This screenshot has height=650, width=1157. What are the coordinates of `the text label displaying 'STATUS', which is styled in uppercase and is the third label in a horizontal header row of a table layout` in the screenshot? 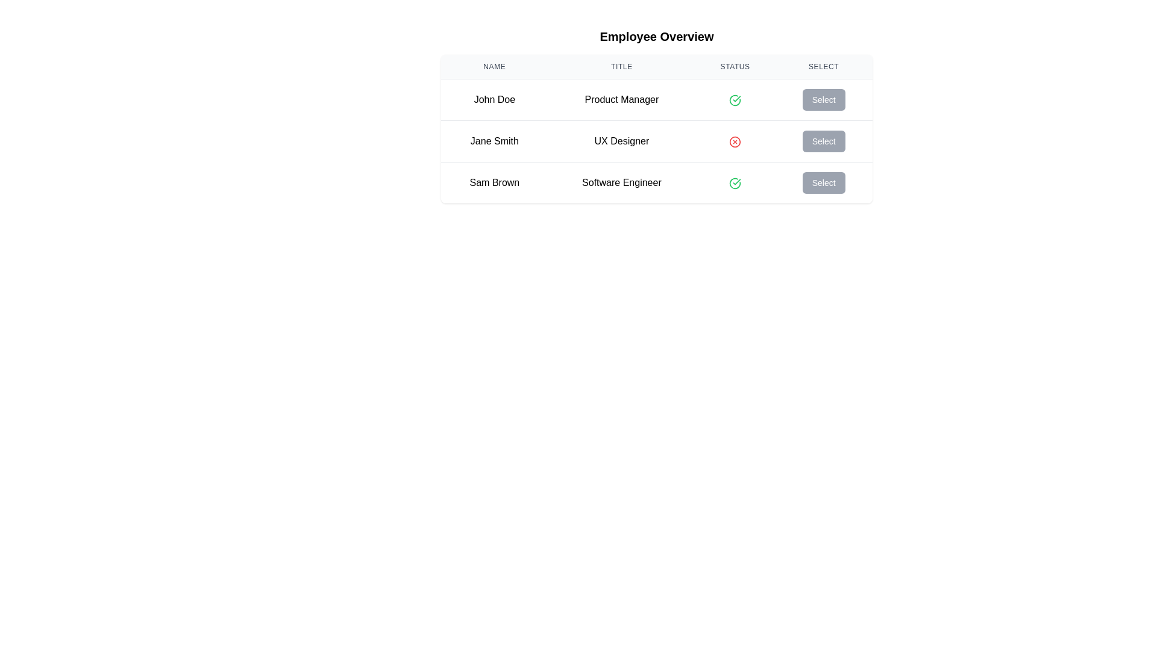 It's located at (735, 67).